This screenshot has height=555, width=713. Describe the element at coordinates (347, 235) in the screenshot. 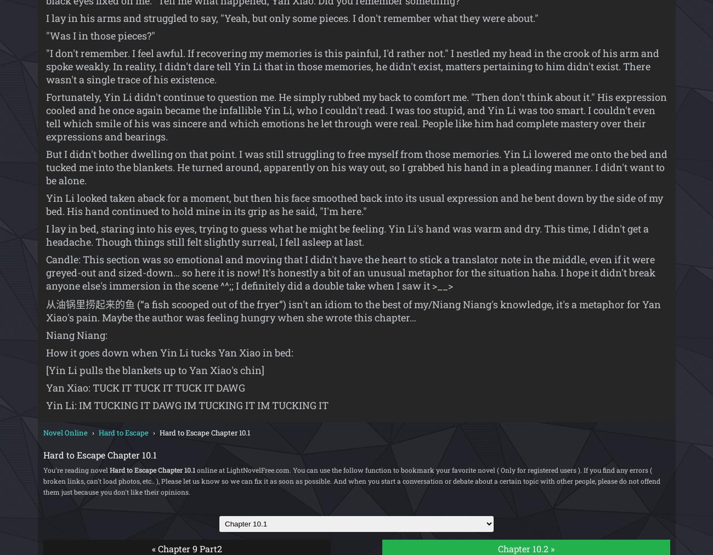

I see `'I lay in bed, staring into his eyes, trying to guess what he might be feeling. Yin Li's hand was warm and dry. This time, I didn't get a headache. Though things still felt slightly surreal, I fell asleep at last.'` at that location.